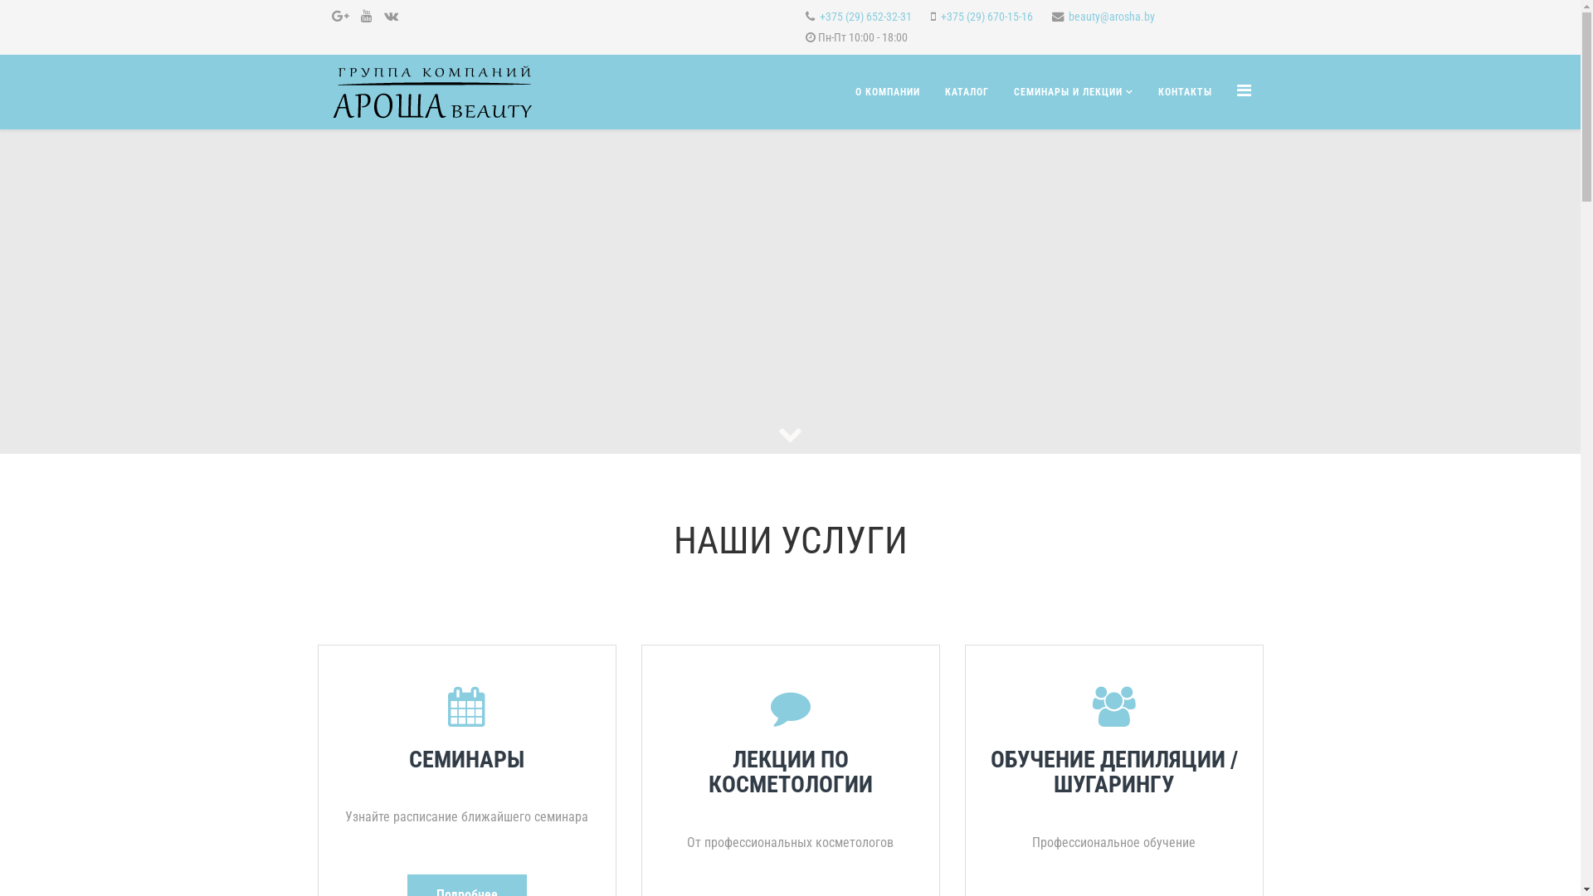 The height and width of the screenshot is (896, 1593). Describe the element at coordinates (865, 17) in the screenshot. I see `'+375 (29) 652-32-31'` at that location.